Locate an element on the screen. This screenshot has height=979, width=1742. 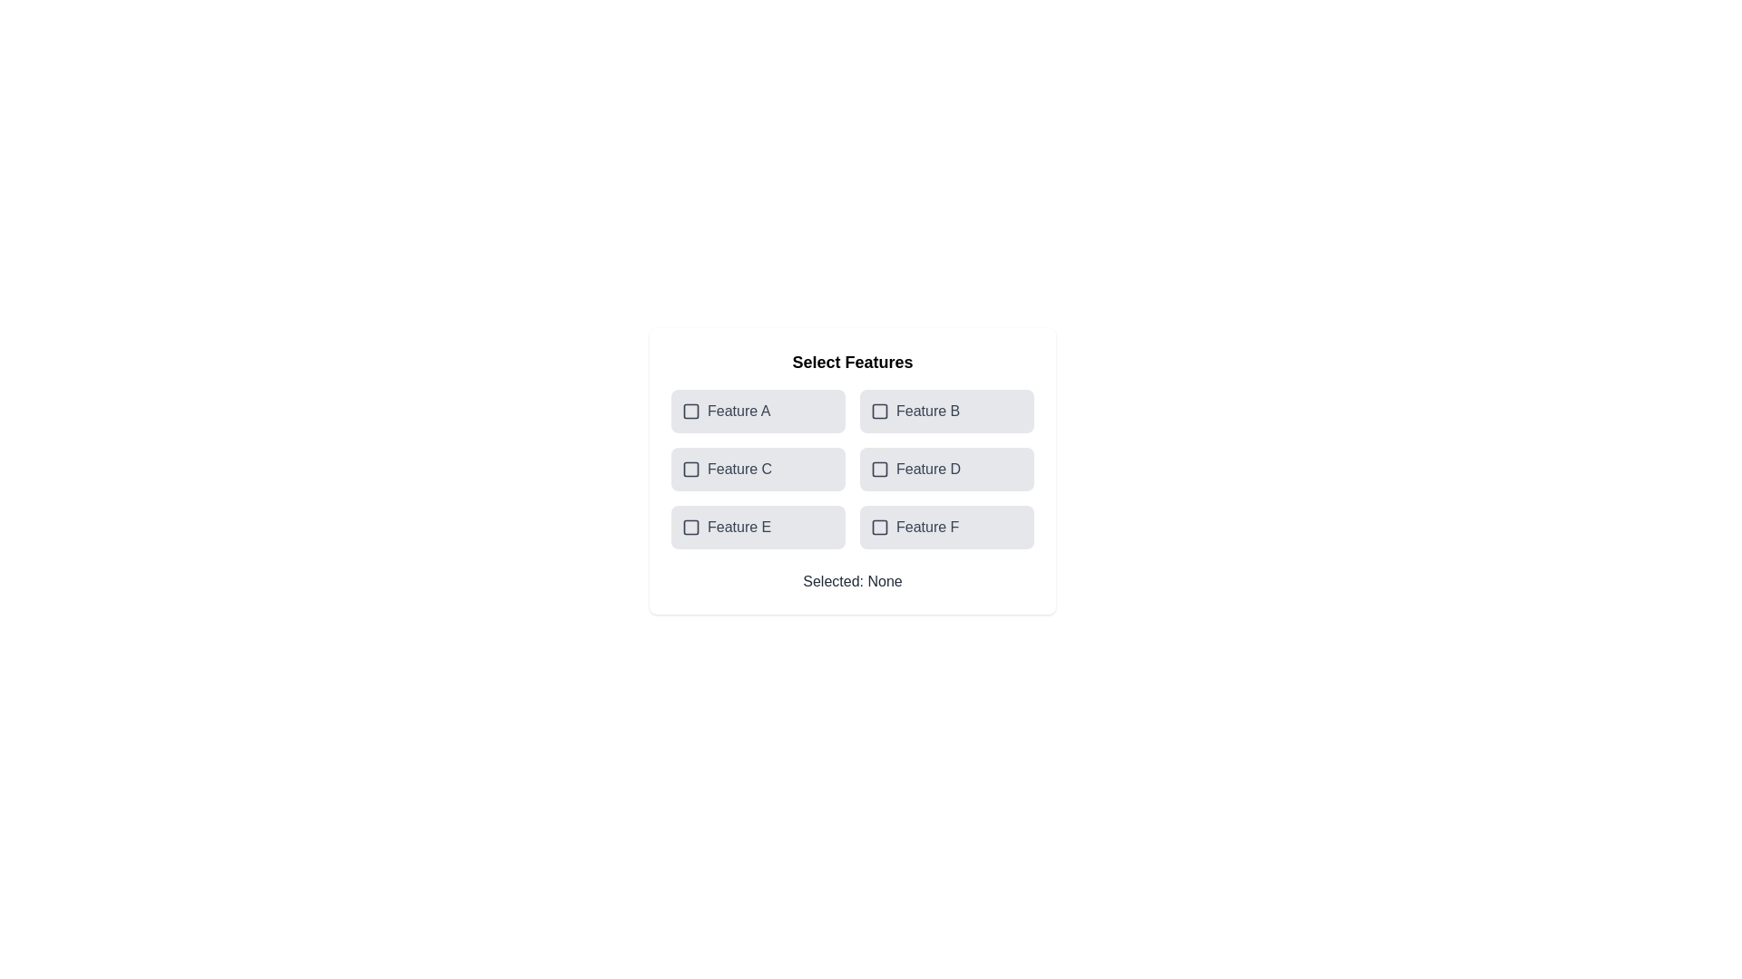
the checkbox for 'Feature C' is located at coordinates (690, 468).